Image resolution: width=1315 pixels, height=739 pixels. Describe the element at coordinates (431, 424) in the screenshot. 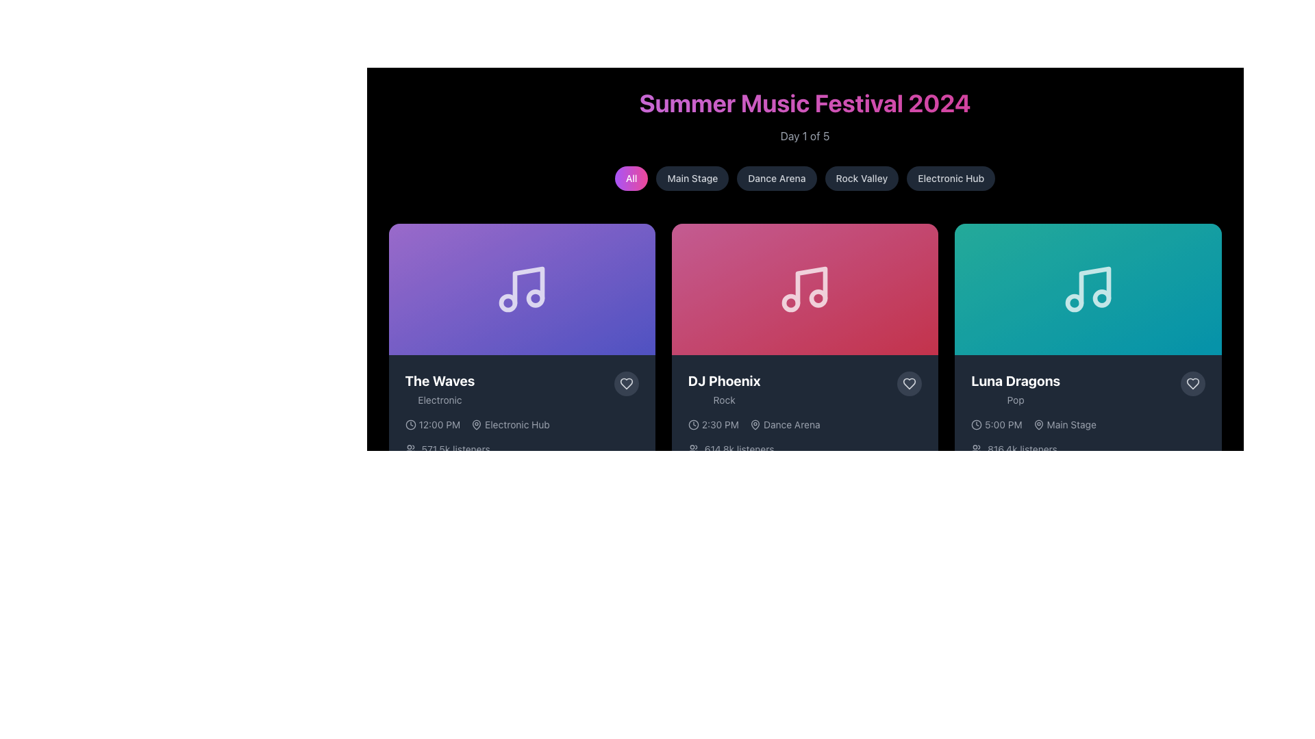

I see `the text displaying '12:00 PM' alongside the clock icon located in the lower-left portion of the 'The Waves' card` at that location.